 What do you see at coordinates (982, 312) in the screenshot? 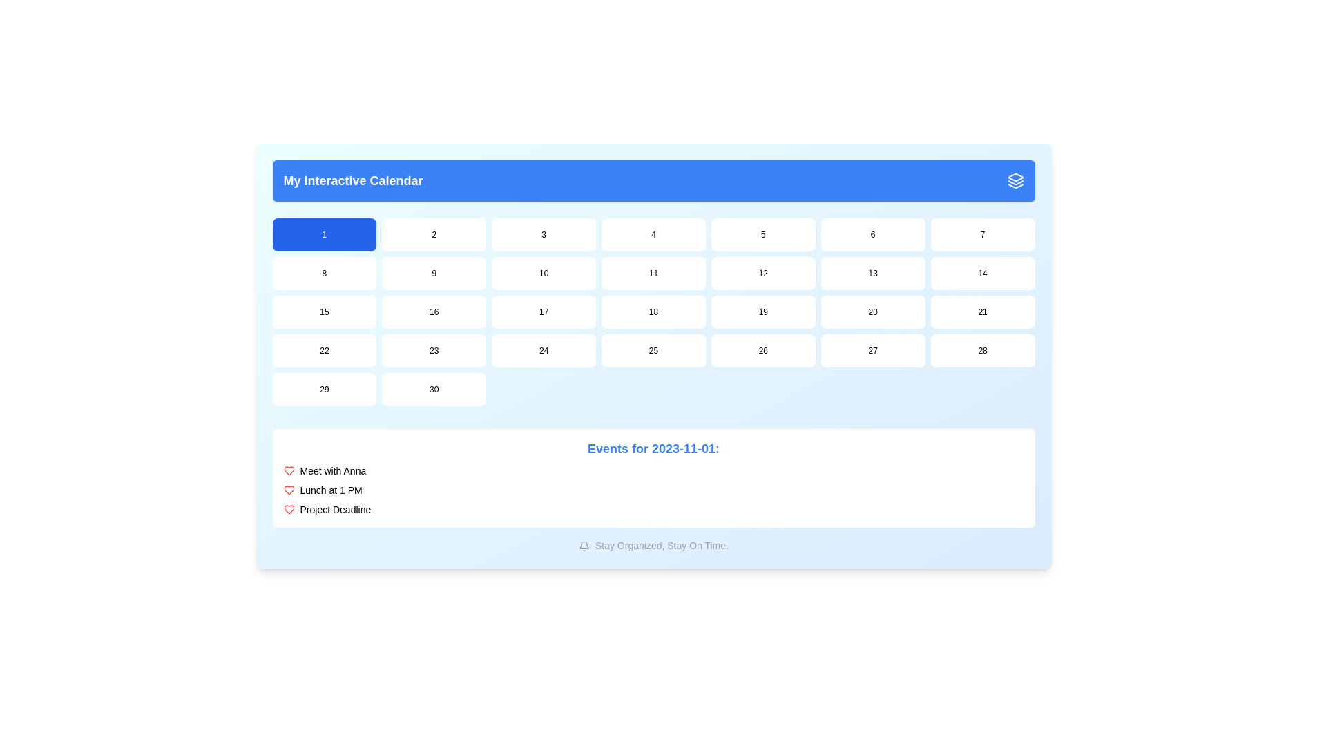
I see `the calendar date button located in the fourth row and seventh column of the calendar grid` at bounding box center [982, 312].